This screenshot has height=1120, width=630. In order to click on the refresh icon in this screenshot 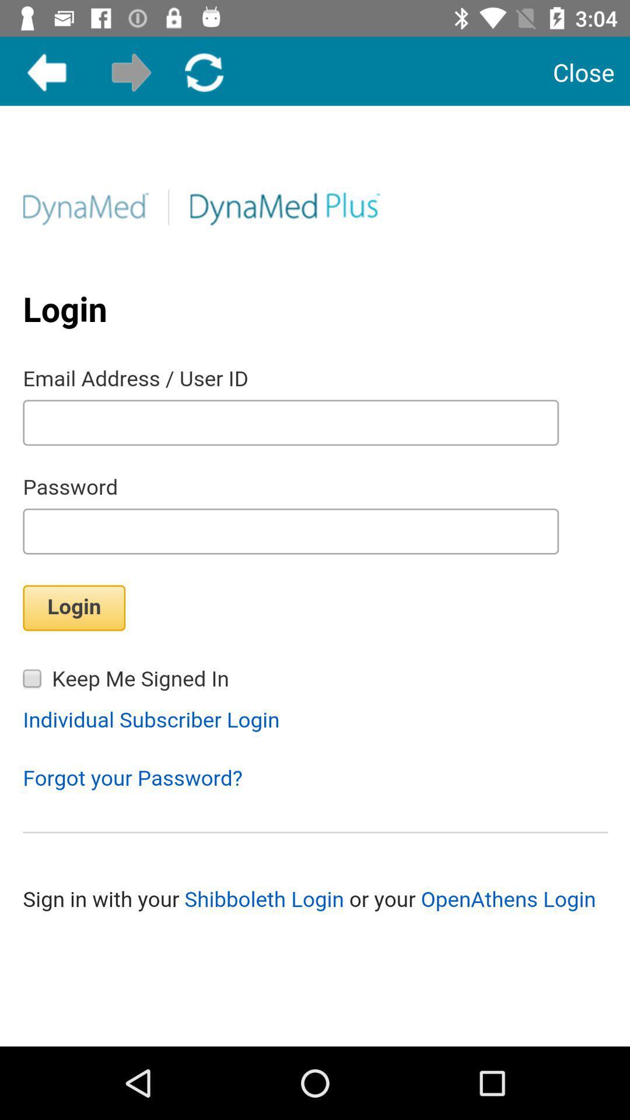, I will do `click(204, 72)`.